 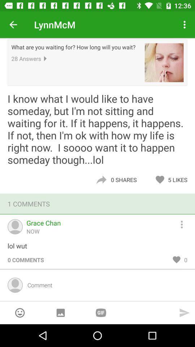 What do you see at coordinates (60, 312) in the screenshot?
I see `send a picture` at bounding box center [60, 312].